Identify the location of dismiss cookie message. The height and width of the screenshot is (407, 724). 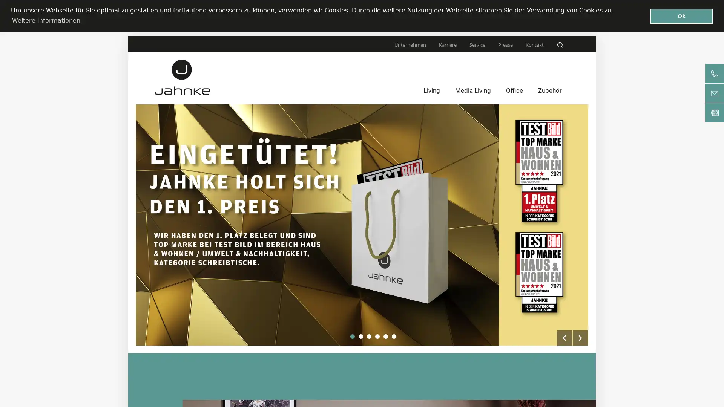
(681, 16).